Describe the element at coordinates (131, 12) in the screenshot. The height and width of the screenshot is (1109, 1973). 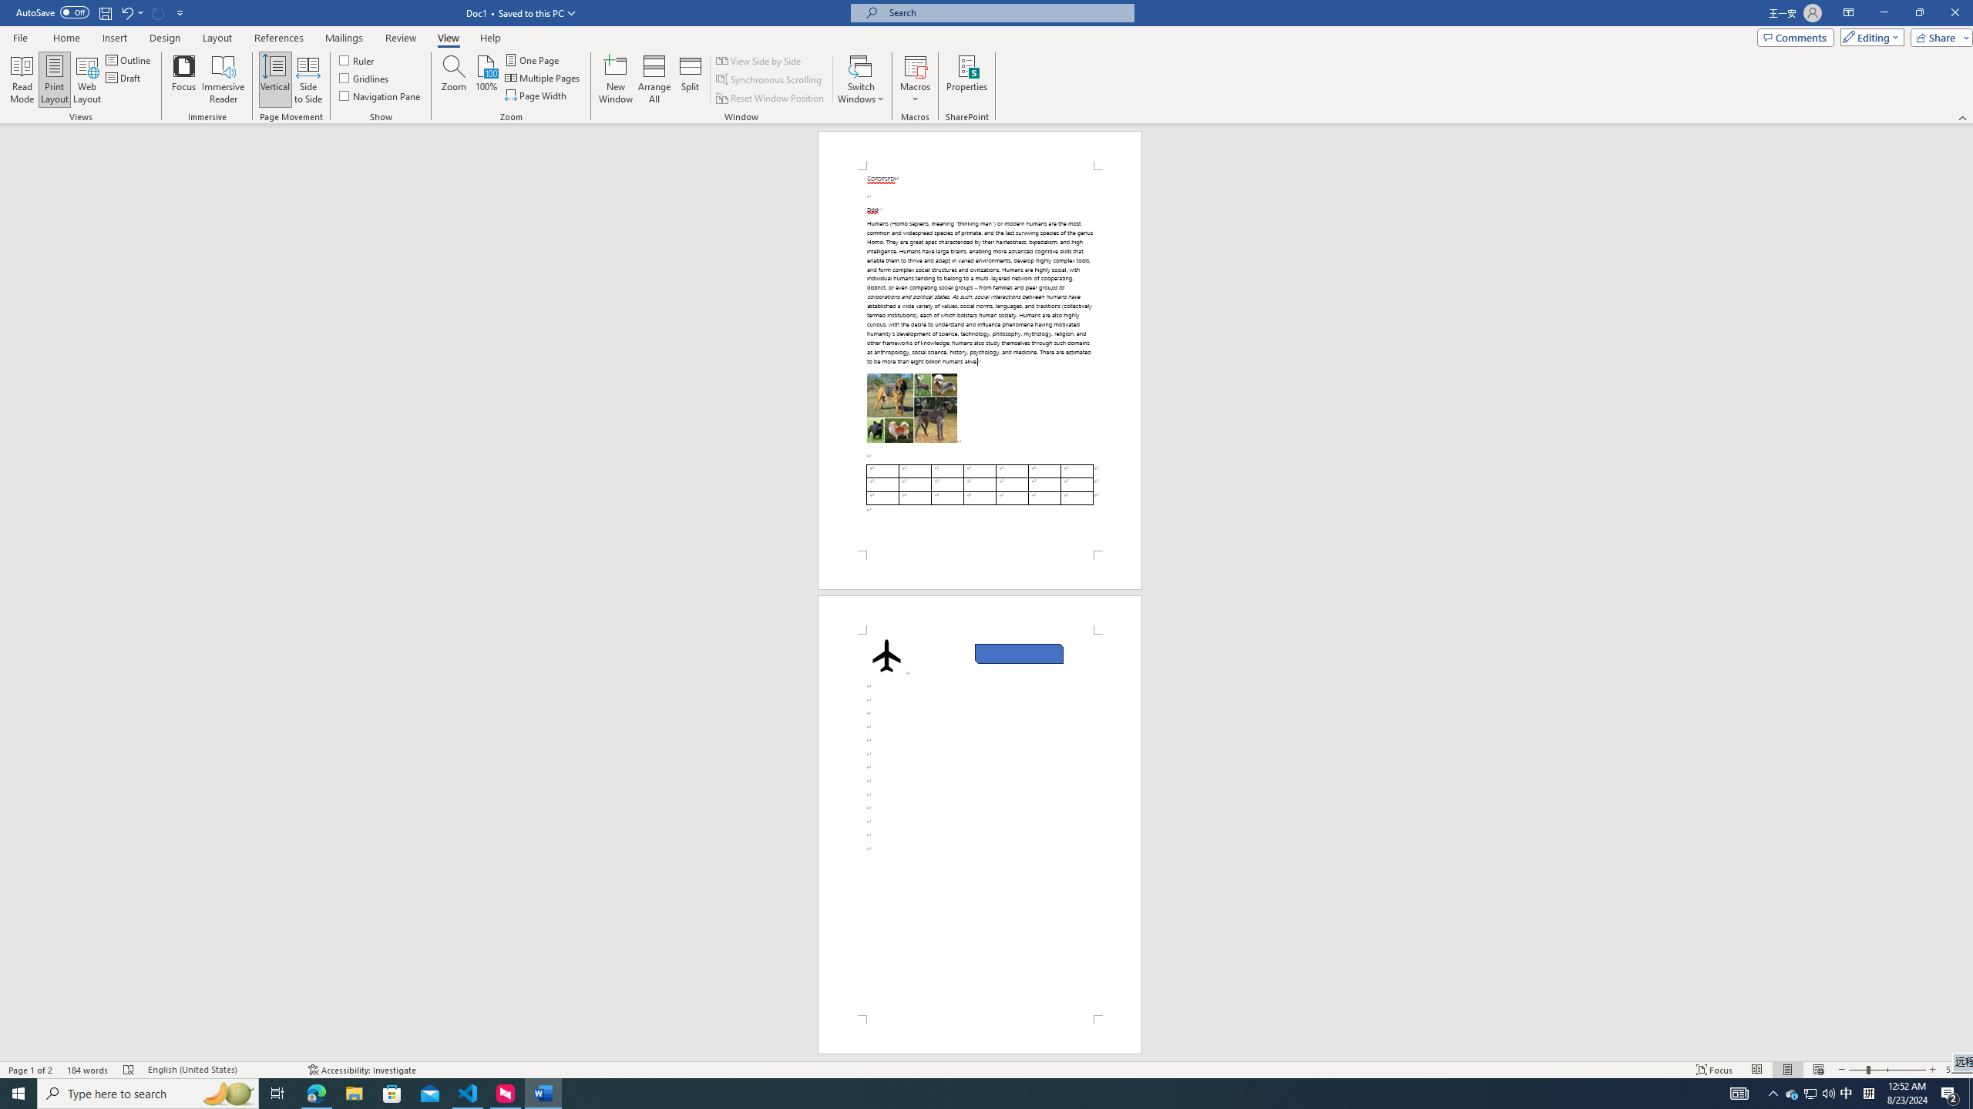
I see `'Undo Apply Quick Style Set'` at that location.